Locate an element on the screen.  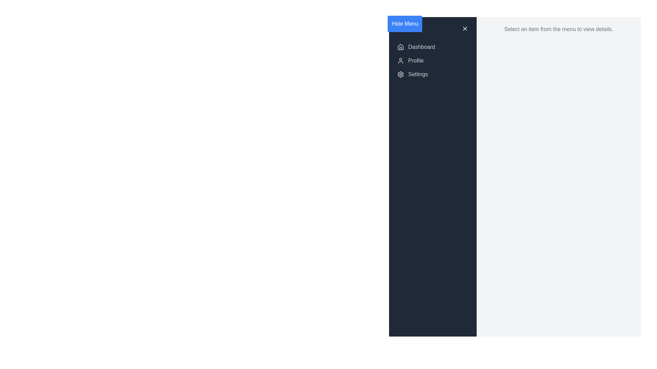
the compact 'X' icon located in the top-right corner of the dark sidebar to interact with the 'X' button is located at coordinates (465, 28).